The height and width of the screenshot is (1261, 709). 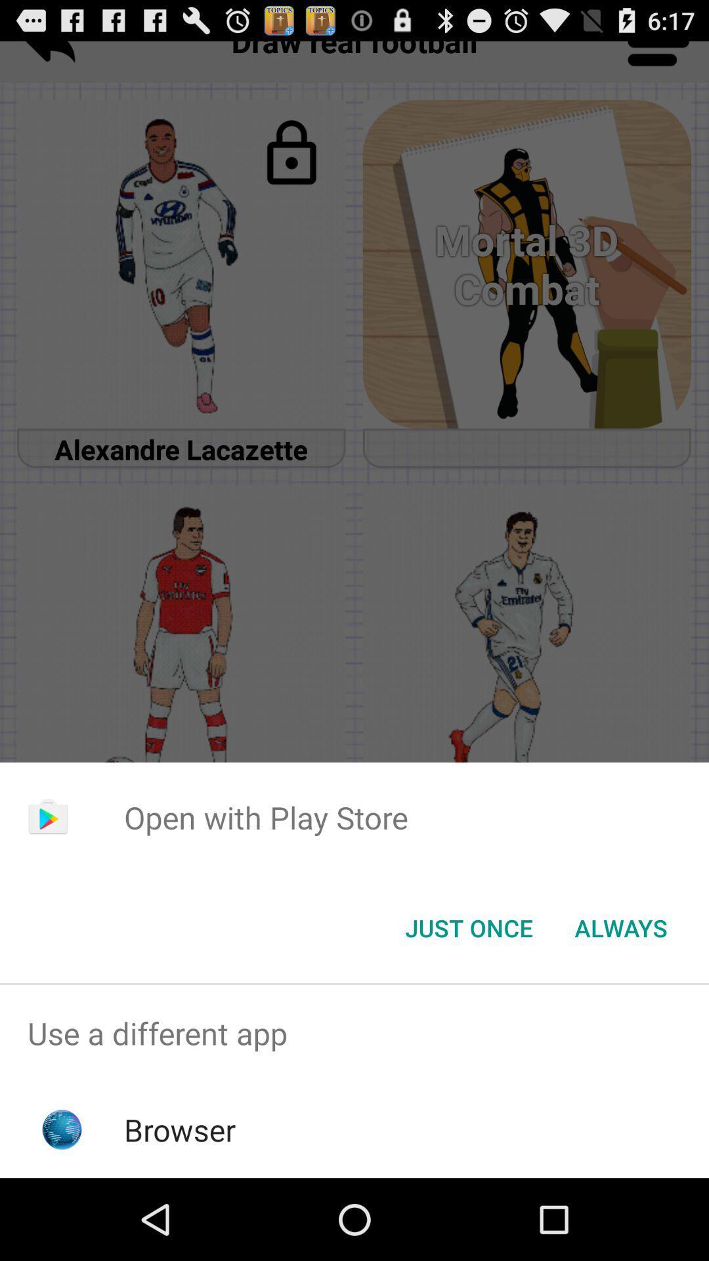 What do you see at coordinates (468, 927) in the screenshot?
I see `the icon below the open with play` at bounding box center [468, 927].